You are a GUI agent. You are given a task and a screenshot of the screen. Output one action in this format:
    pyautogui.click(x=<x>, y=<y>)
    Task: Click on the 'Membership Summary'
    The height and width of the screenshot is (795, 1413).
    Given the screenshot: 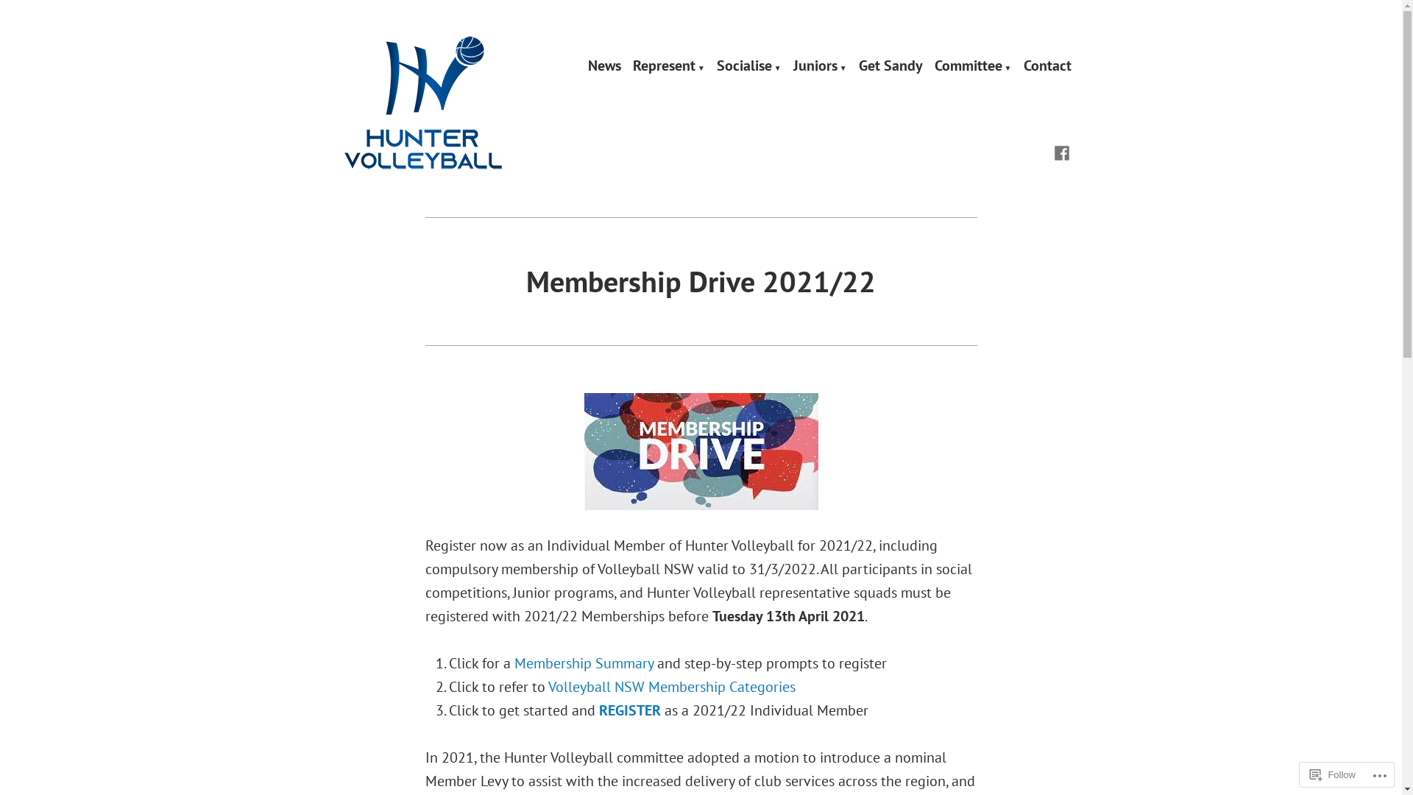 What is the action you would take?
    pyautogui.click(x=582, y=663)
    